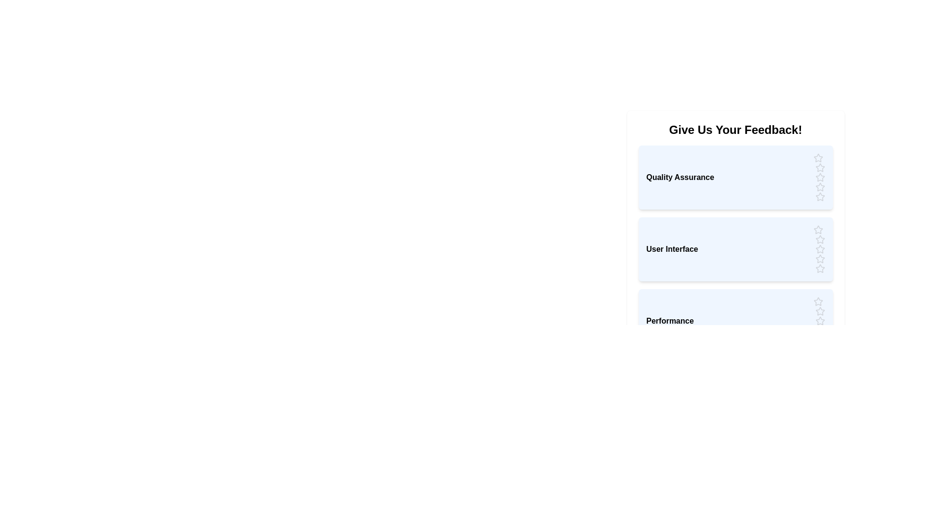 The image size is (932, 524). What do you see at coordinates (819, 340) in the screenshot?
I see `the rating for the category 'Performance' to 5 stars` at bounding box center [819, 340].